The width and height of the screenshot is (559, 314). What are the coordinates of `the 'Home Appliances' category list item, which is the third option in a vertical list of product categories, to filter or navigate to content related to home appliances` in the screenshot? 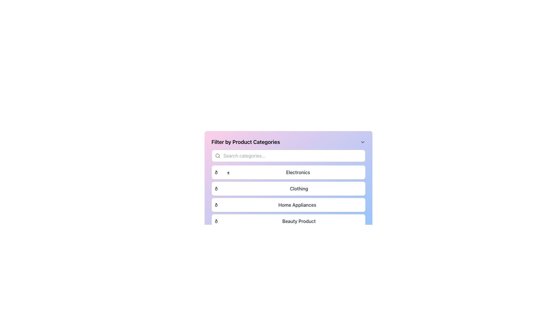 It's located at (288, 205).